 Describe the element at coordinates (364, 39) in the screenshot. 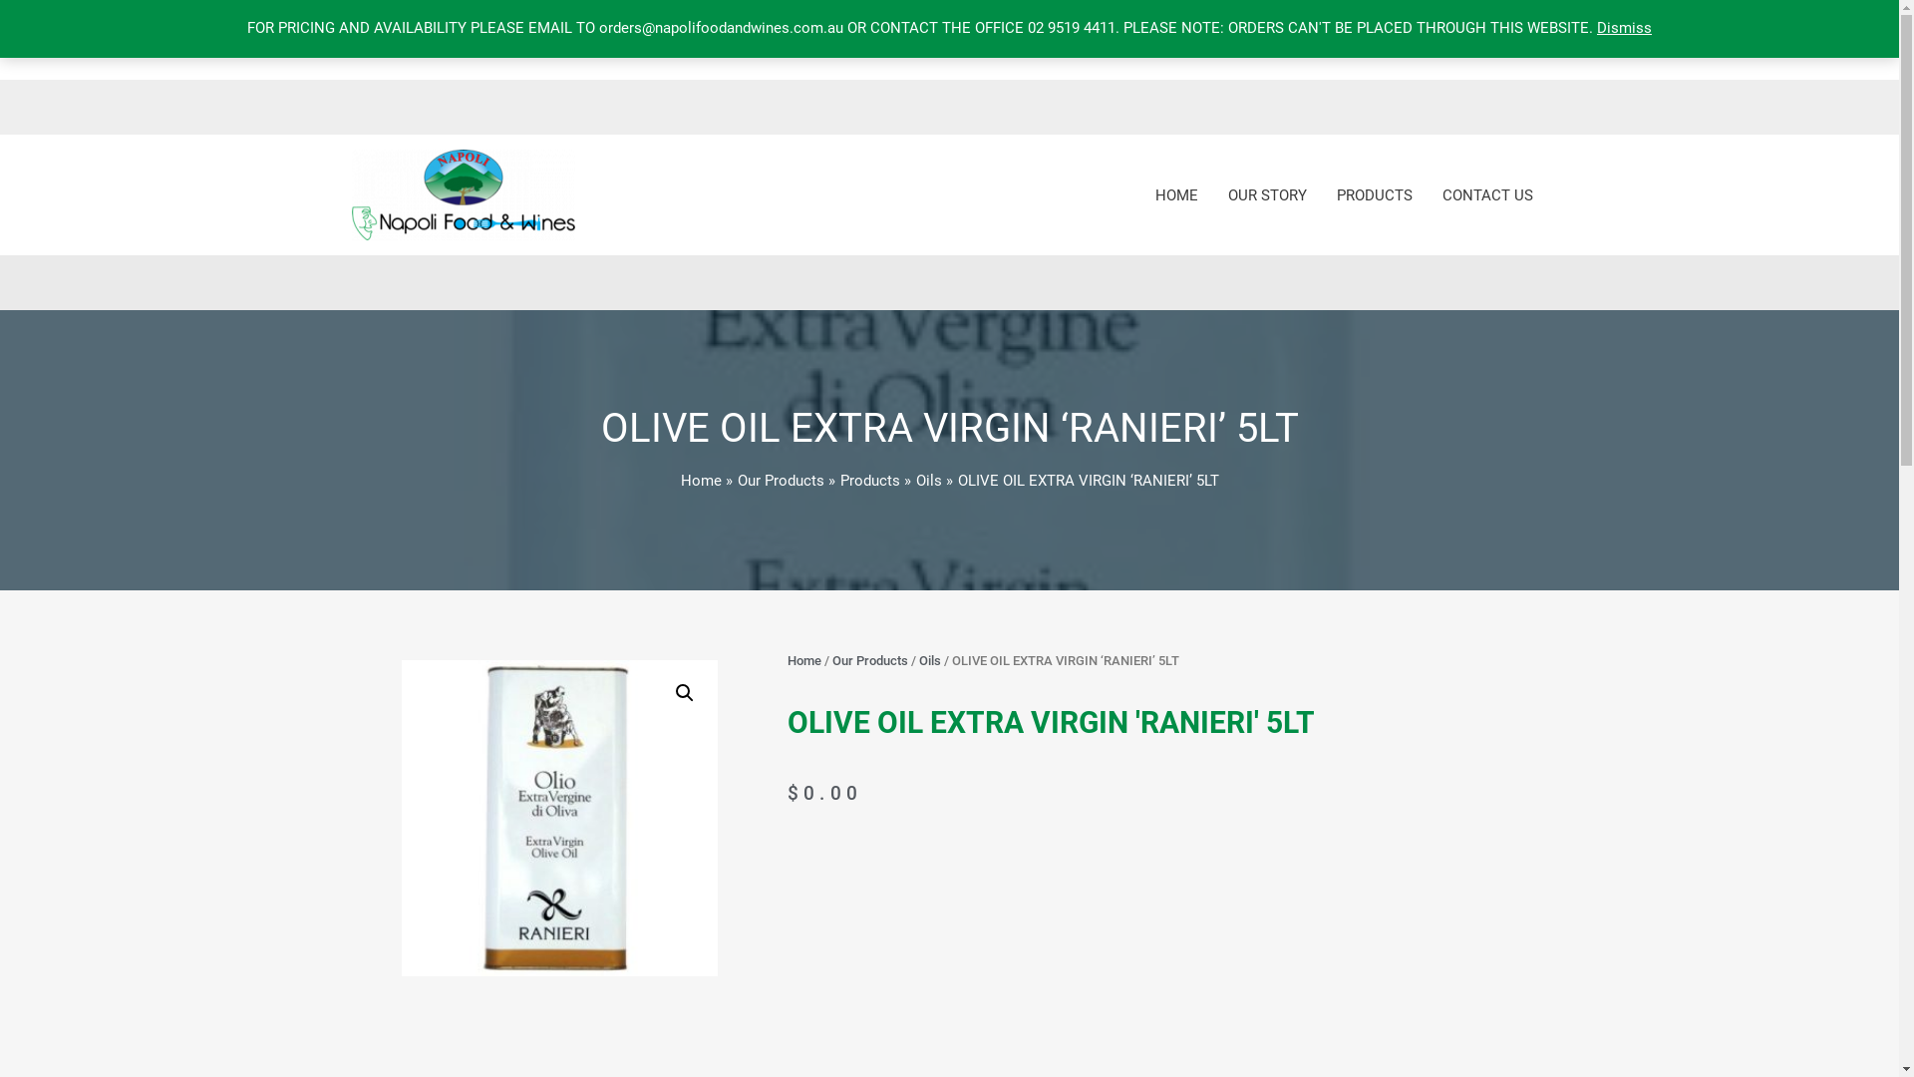

I see `'0'` at that location.